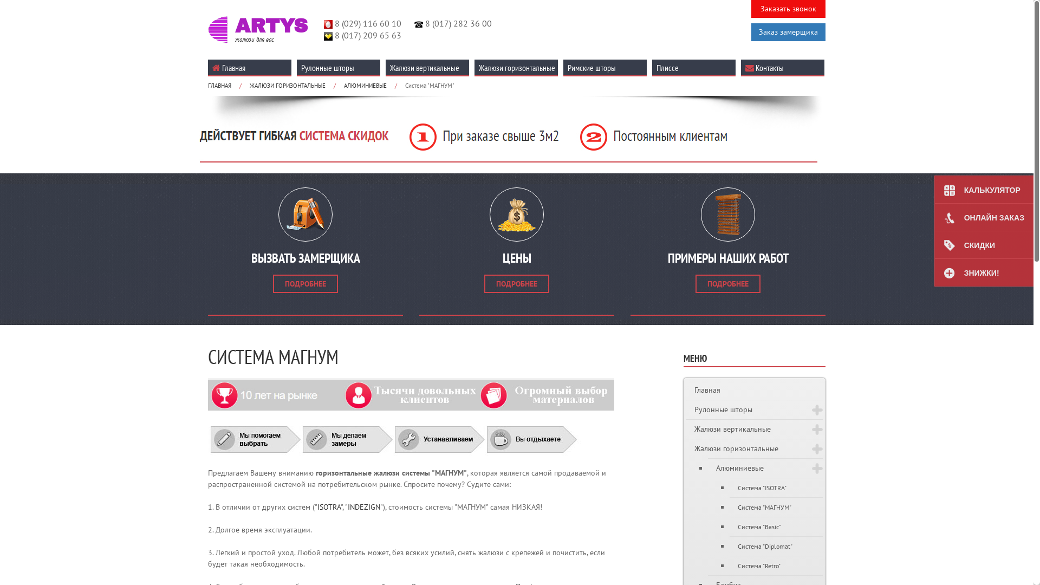  I want to click on 'INDEZIGN', so click(348, 507).